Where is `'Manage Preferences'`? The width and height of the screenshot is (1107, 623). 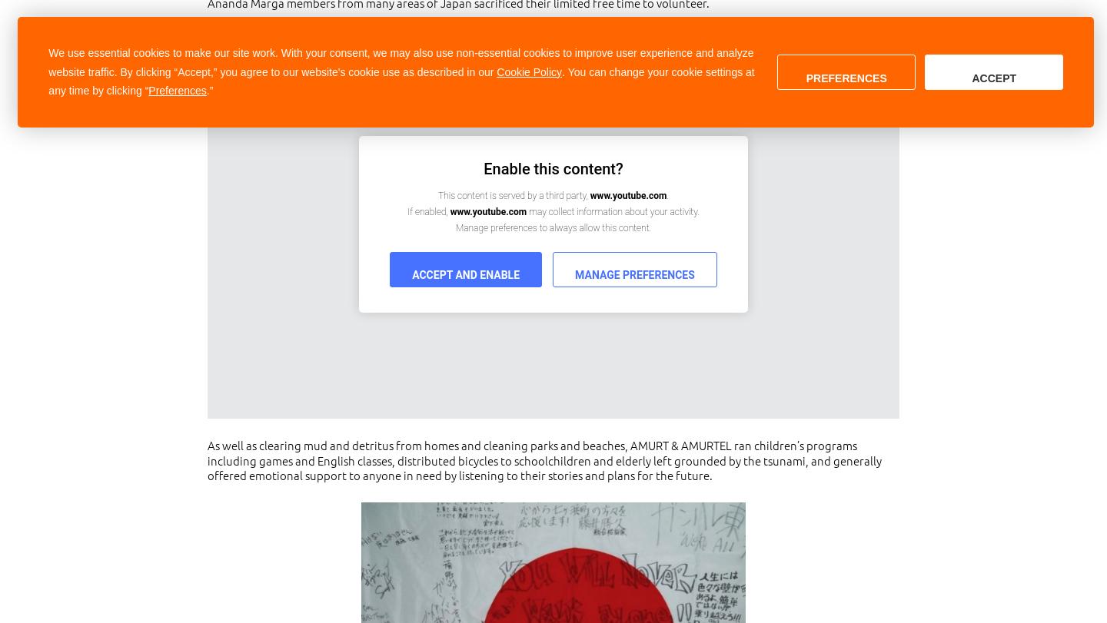
'Manage Preferences' is located at coordinates (634, 277).